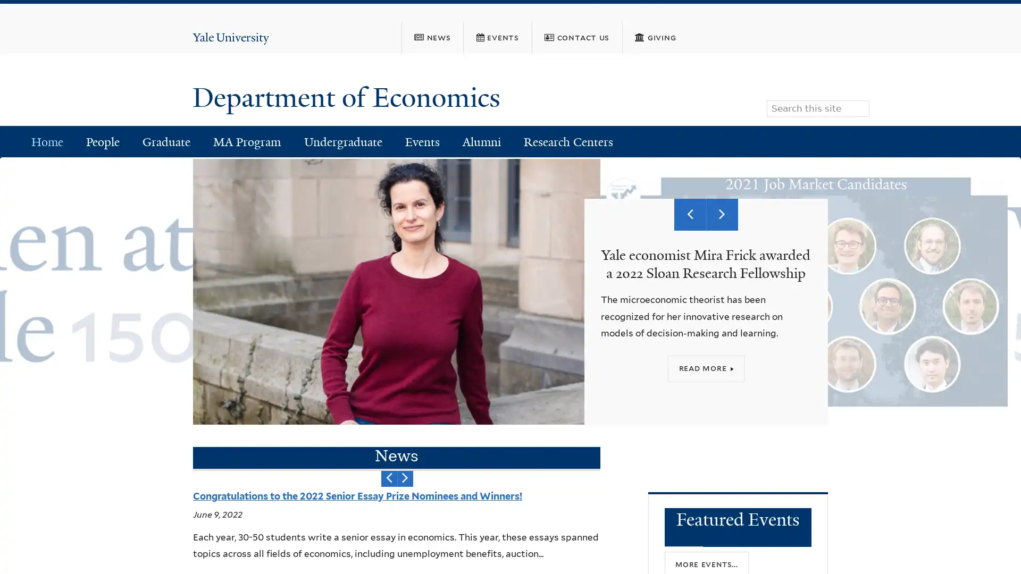 The width and height of the screenshot is (1021, 574). What do you see at coordinates (388, 477) in the screenshot?
I see `previous` at bounding box center [388, 477].